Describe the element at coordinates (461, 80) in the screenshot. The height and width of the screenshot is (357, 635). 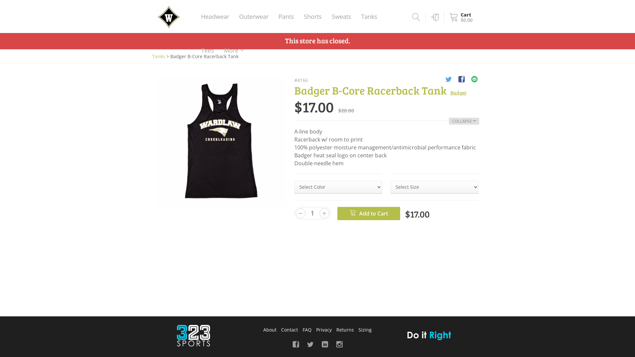
I see `'Share on Facebook'` at that location.